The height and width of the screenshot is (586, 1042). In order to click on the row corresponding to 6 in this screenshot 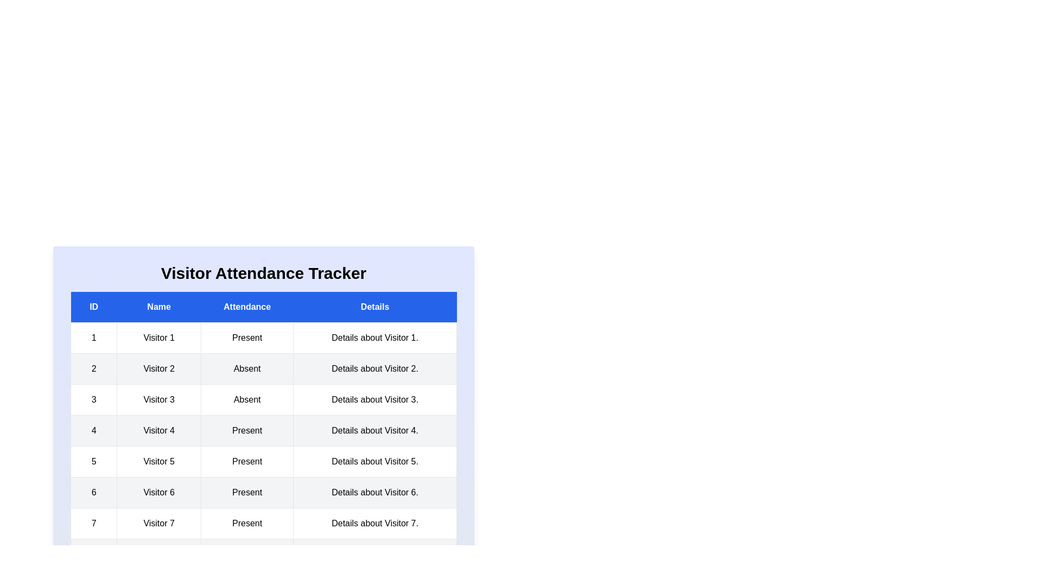, I will do `click(263, 492)`.